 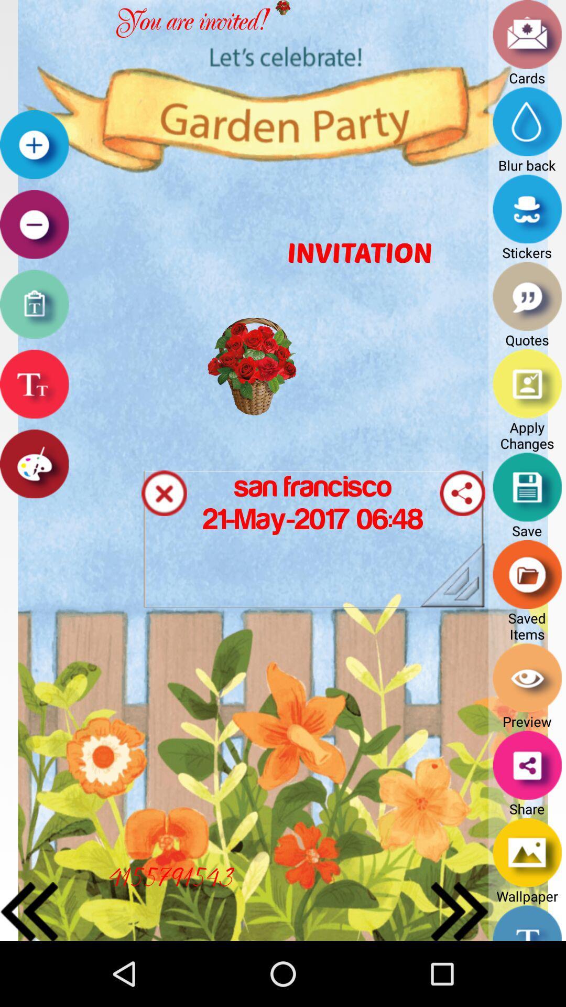 What do you see at coordinates (34, 410) in the screenshot?
I see `the font icon` at bounding box center [34, 410].